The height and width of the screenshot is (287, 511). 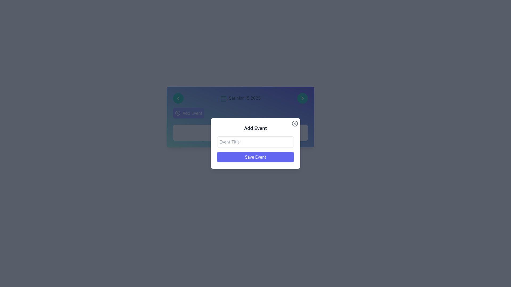 What do you see at coordinates (178, 98) in the screenshot?
I see `the leftward-pointing chevron icon within the teal circular button` at bounding box center [178, 98].